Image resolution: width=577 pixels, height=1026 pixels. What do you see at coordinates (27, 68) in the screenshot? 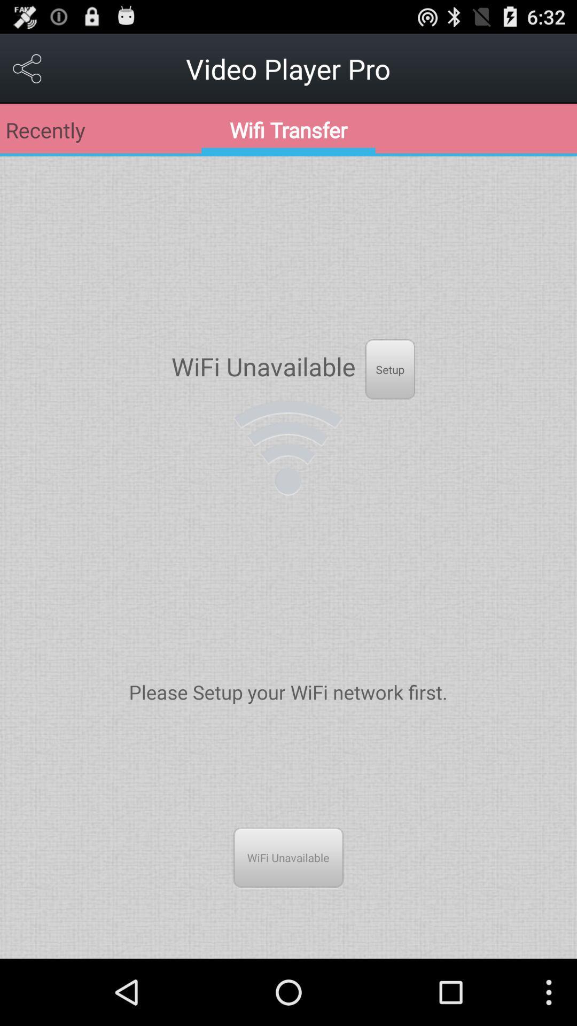
I see `the item at the top left corner` at bounding box center [27, 68].